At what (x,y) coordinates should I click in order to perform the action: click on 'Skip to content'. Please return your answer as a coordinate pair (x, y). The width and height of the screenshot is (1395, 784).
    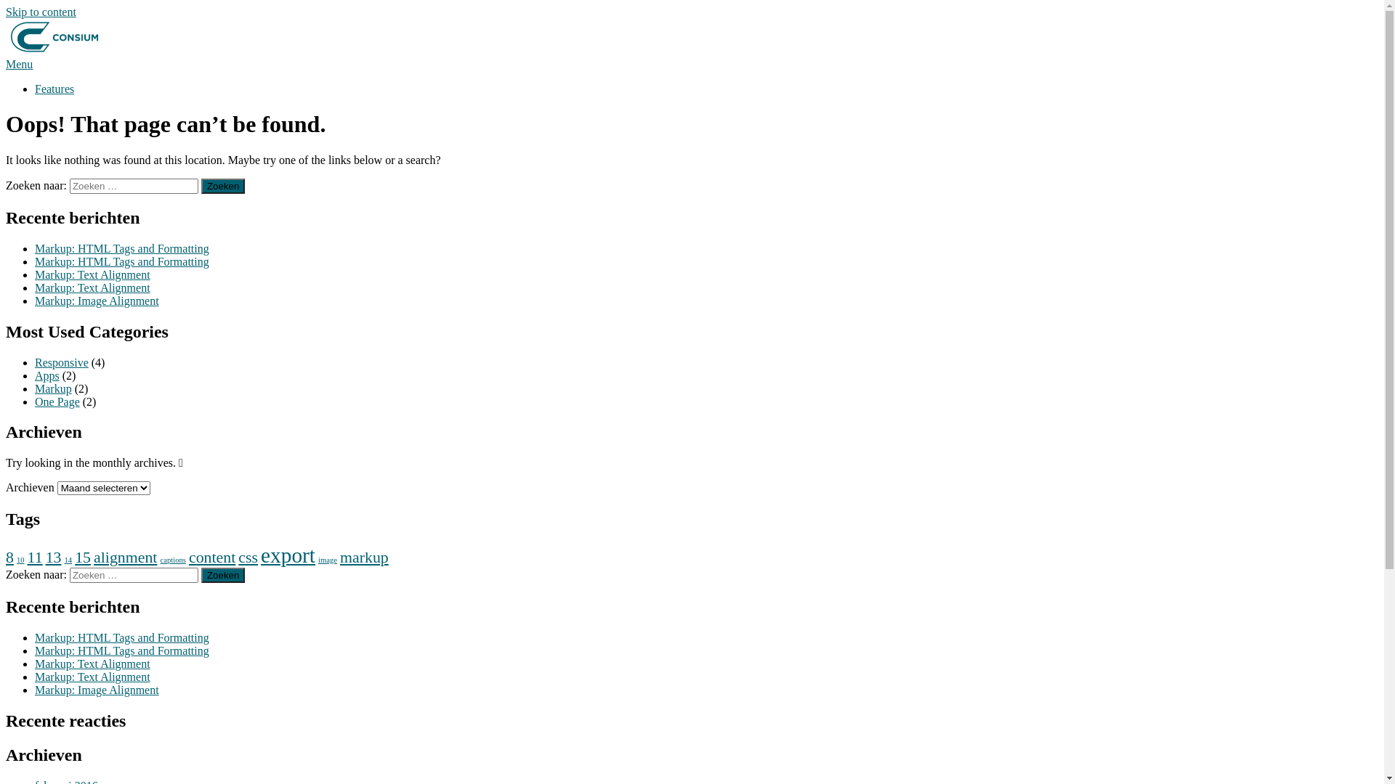
    Looking at the image, I should click on (41, 12).